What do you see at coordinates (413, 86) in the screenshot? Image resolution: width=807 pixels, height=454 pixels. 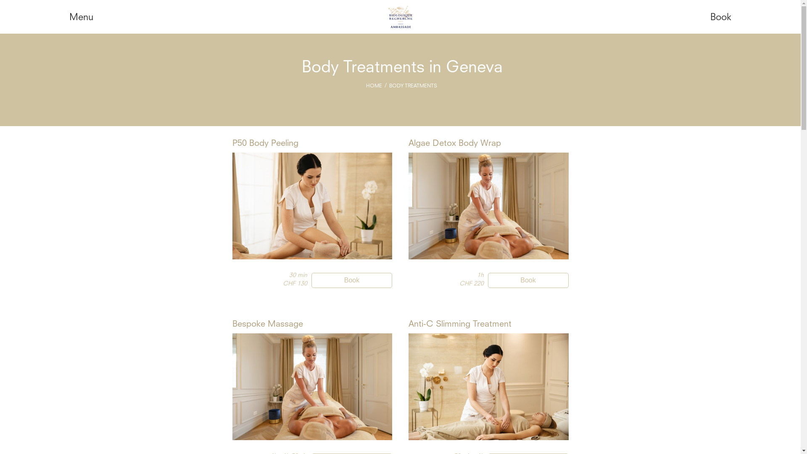 I see `'BODY TREATMENTS'` at bounding box center [413, 86].